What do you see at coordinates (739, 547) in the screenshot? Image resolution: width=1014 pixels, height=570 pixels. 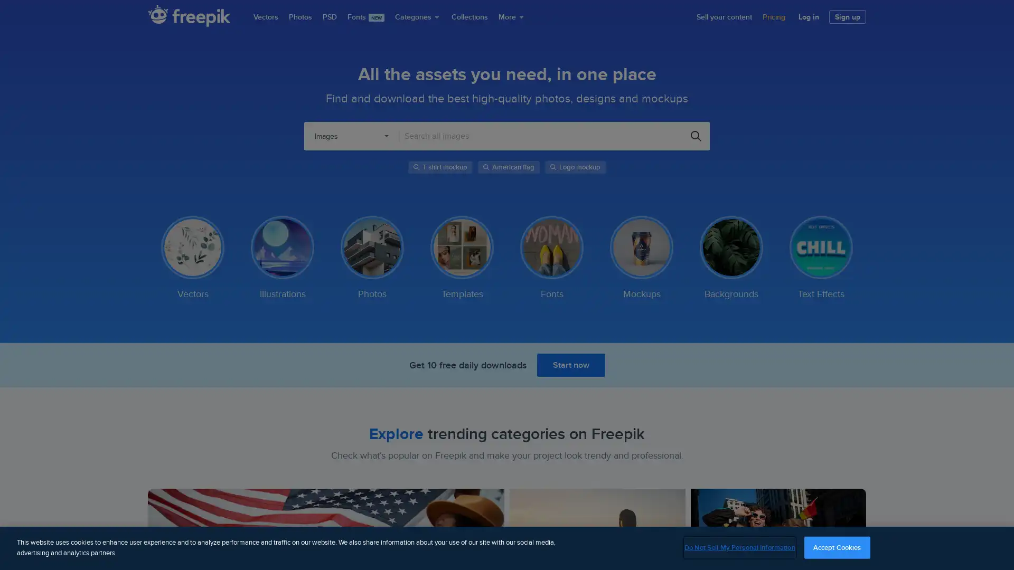 I see `Do Not Sell My Personal Information` at bounding box center [739, 547].